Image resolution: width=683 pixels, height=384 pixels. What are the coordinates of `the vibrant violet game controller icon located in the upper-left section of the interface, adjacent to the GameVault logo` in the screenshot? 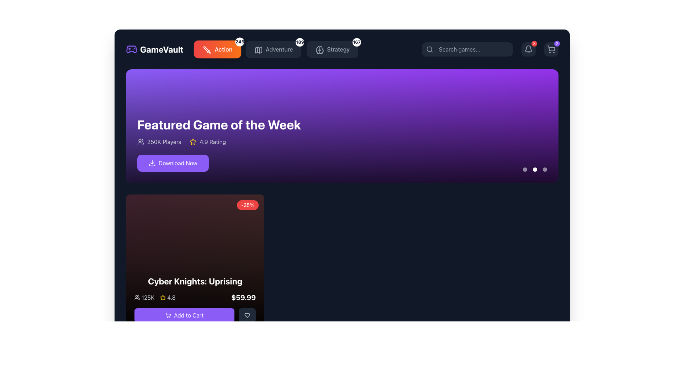 It's located at (131, 49).